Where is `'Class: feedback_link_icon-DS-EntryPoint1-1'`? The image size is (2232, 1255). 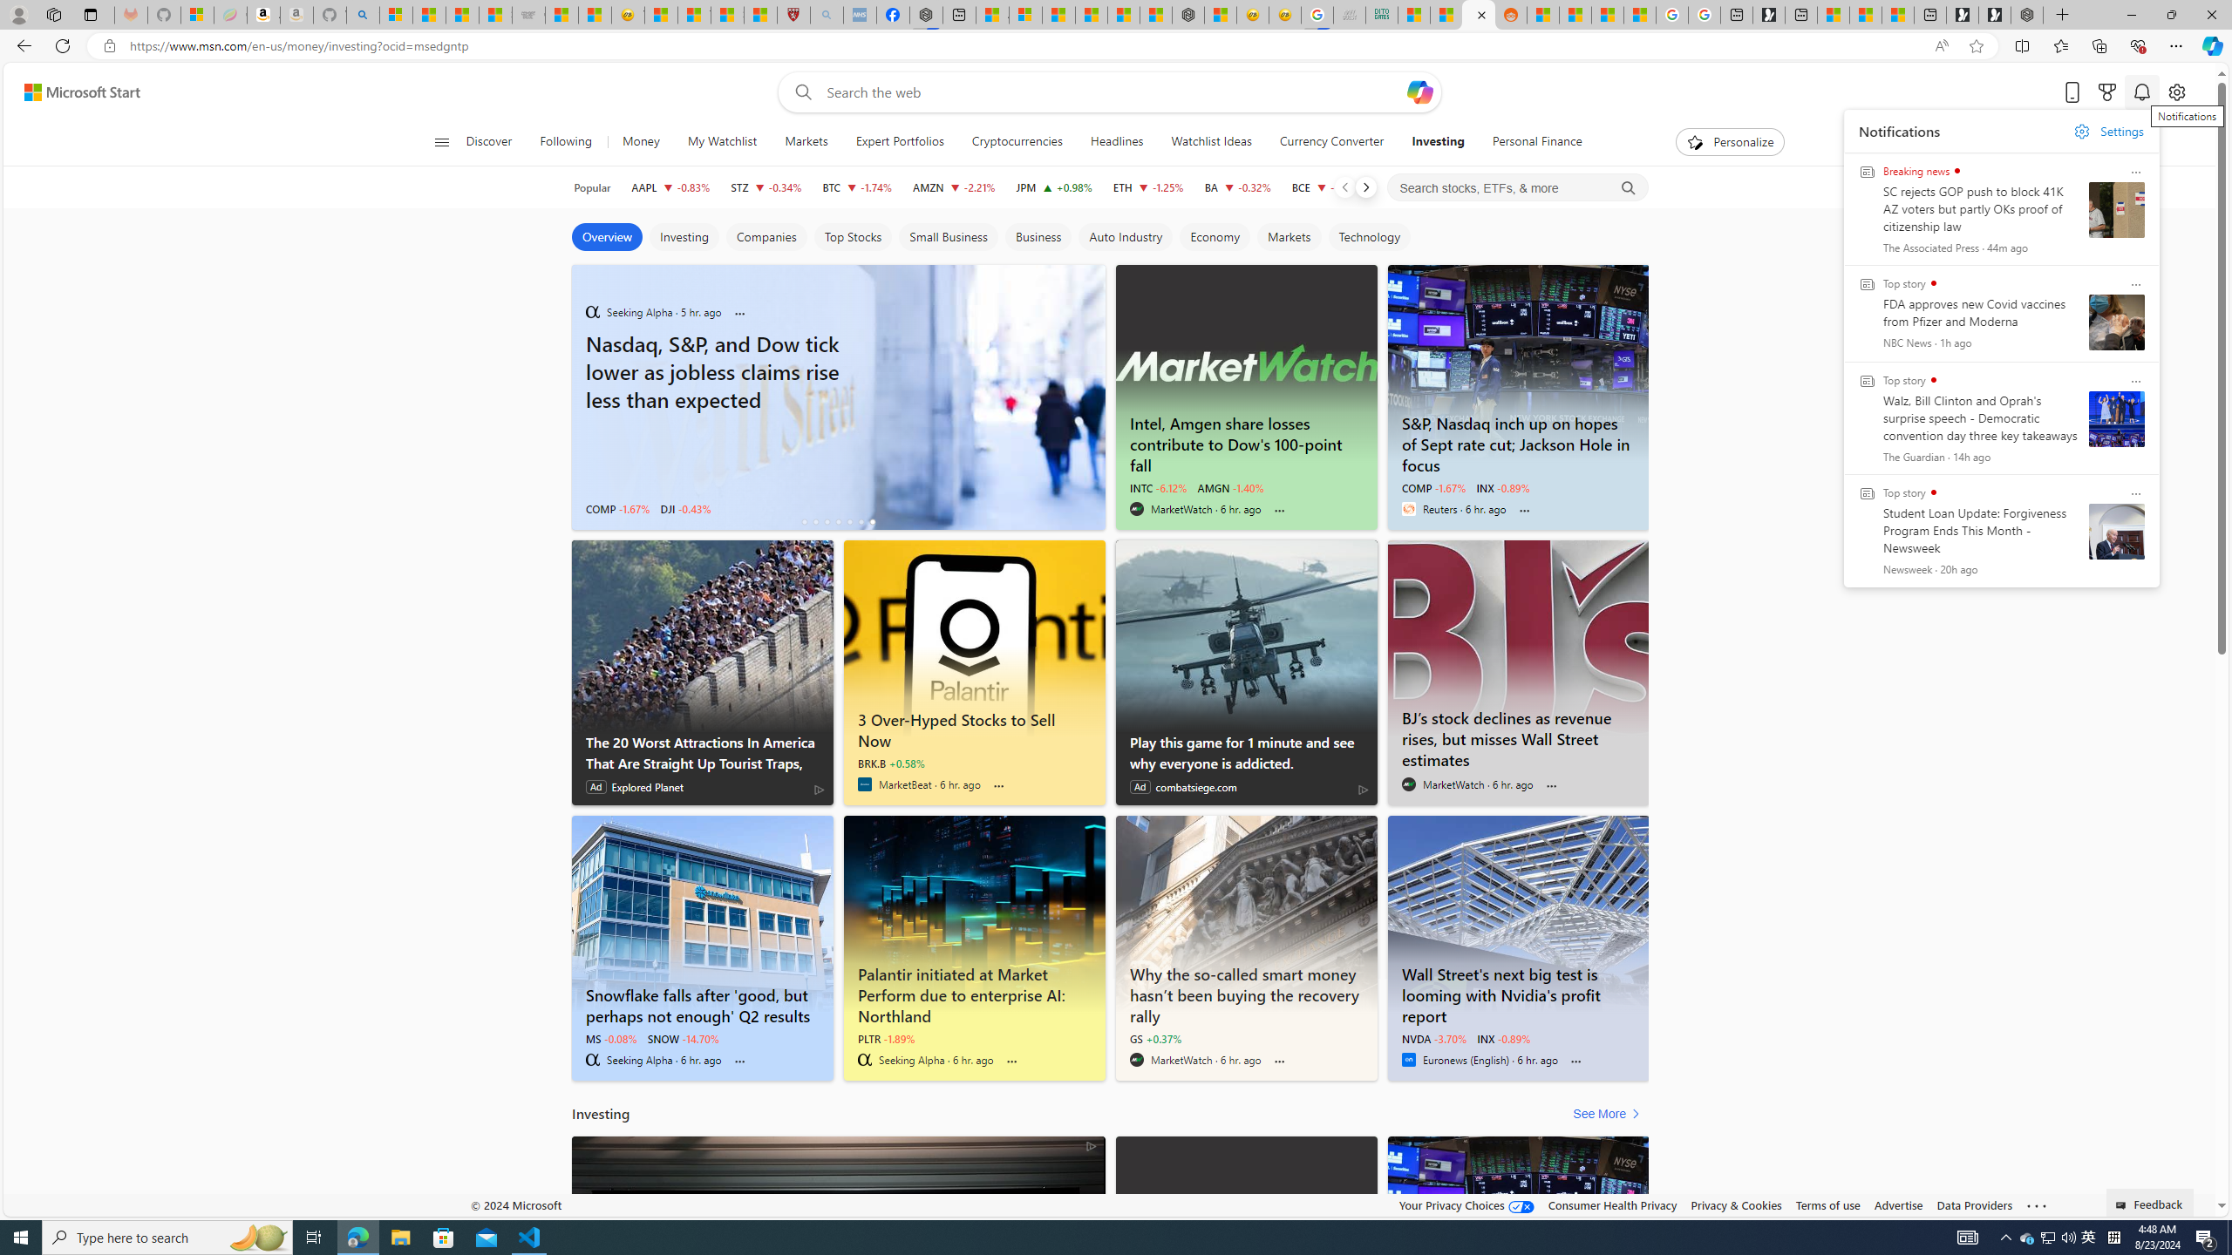 'Class: feedback_link_icon-DS-EntryPoint1-1' is located at coordinates (2122, 1204).